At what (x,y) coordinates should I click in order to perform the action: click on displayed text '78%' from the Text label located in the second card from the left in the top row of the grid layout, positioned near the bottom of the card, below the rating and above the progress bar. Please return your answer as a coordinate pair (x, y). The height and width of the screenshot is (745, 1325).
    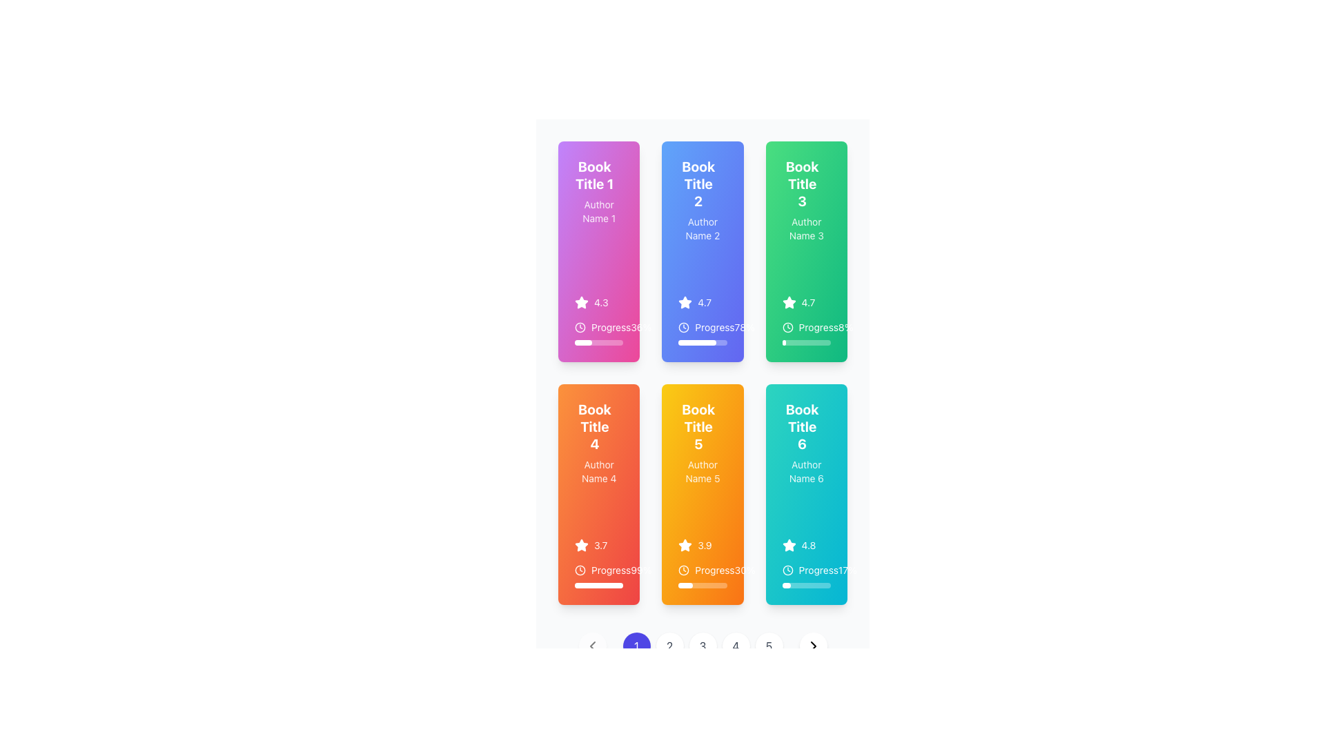
    Looking at the image, I should click on (706, 327).